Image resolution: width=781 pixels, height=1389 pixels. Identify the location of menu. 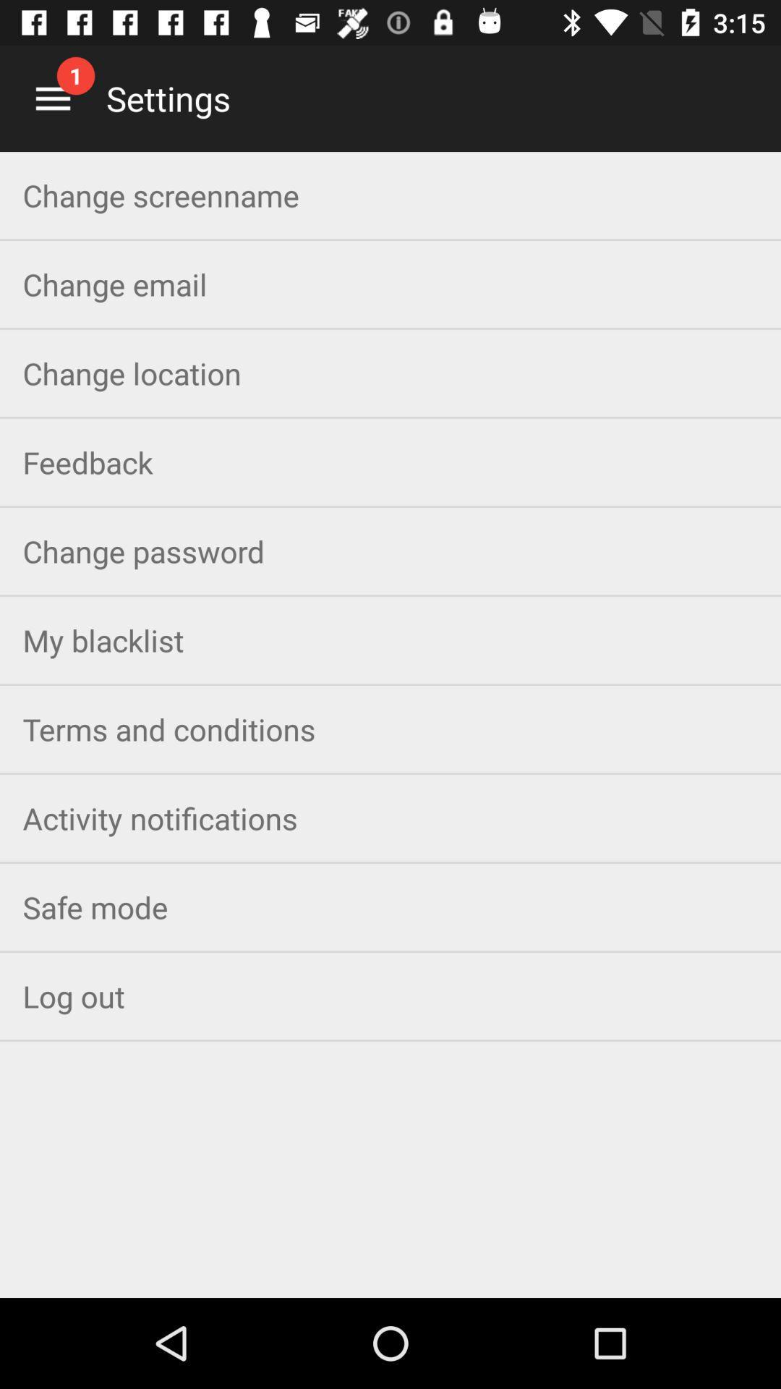
(52, 98).